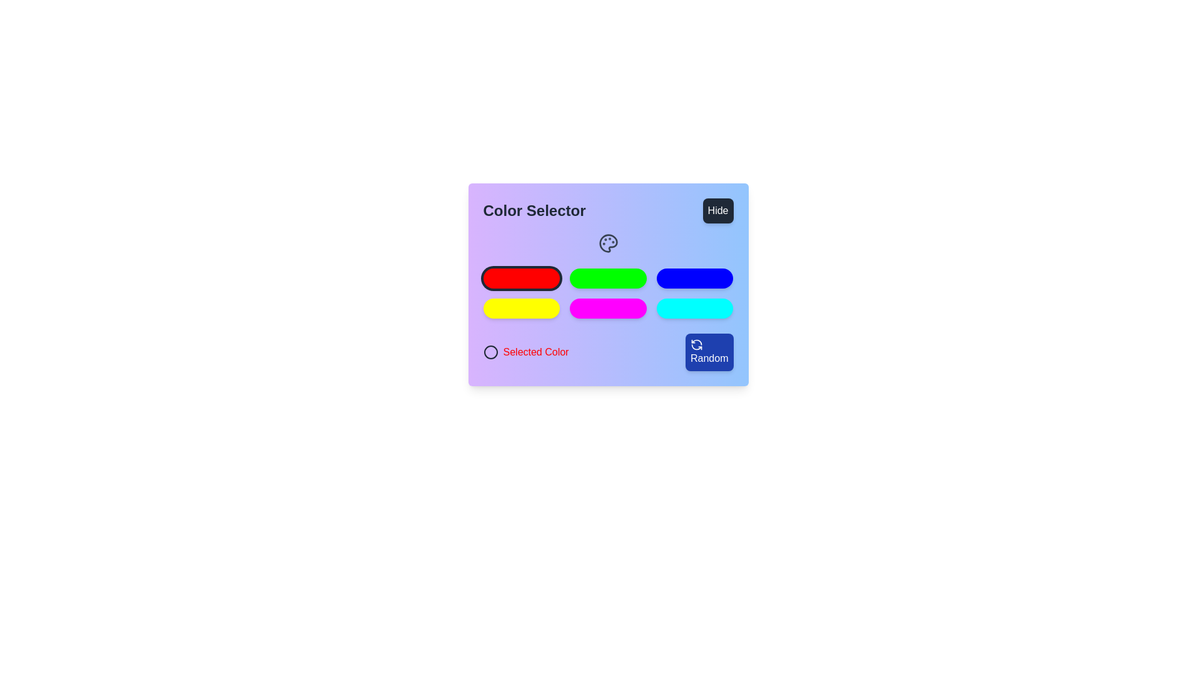  I want to click on the button that has a green background and rounded edges using keyboard navigation, so click(608, 285).